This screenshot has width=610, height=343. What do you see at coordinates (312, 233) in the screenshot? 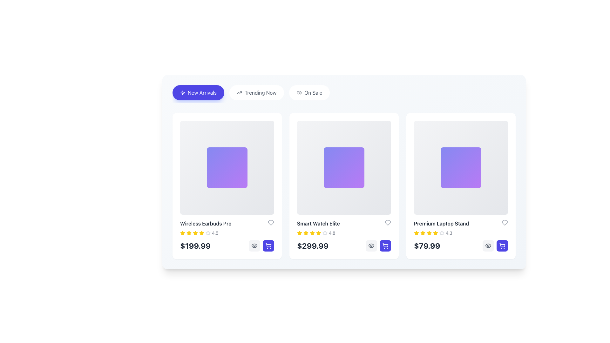
I see `the fourth rating star icon for the 'Smart Watch Elite' product` at bounding box center [312, 233].